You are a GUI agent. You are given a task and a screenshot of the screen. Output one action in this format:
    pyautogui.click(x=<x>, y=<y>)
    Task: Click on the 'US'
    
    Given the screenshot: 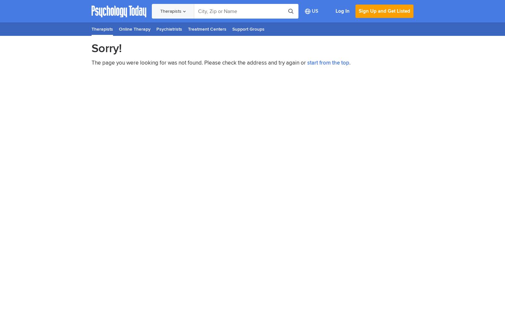 What is the action you would take?
    pyautogui.click(x=315, y=11)
    